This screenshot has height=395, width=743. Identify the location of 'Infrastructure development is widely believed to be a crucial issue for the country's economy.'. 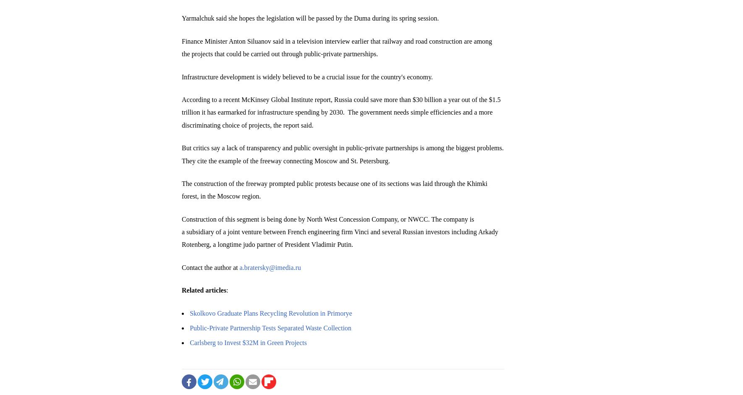
(307, 76).